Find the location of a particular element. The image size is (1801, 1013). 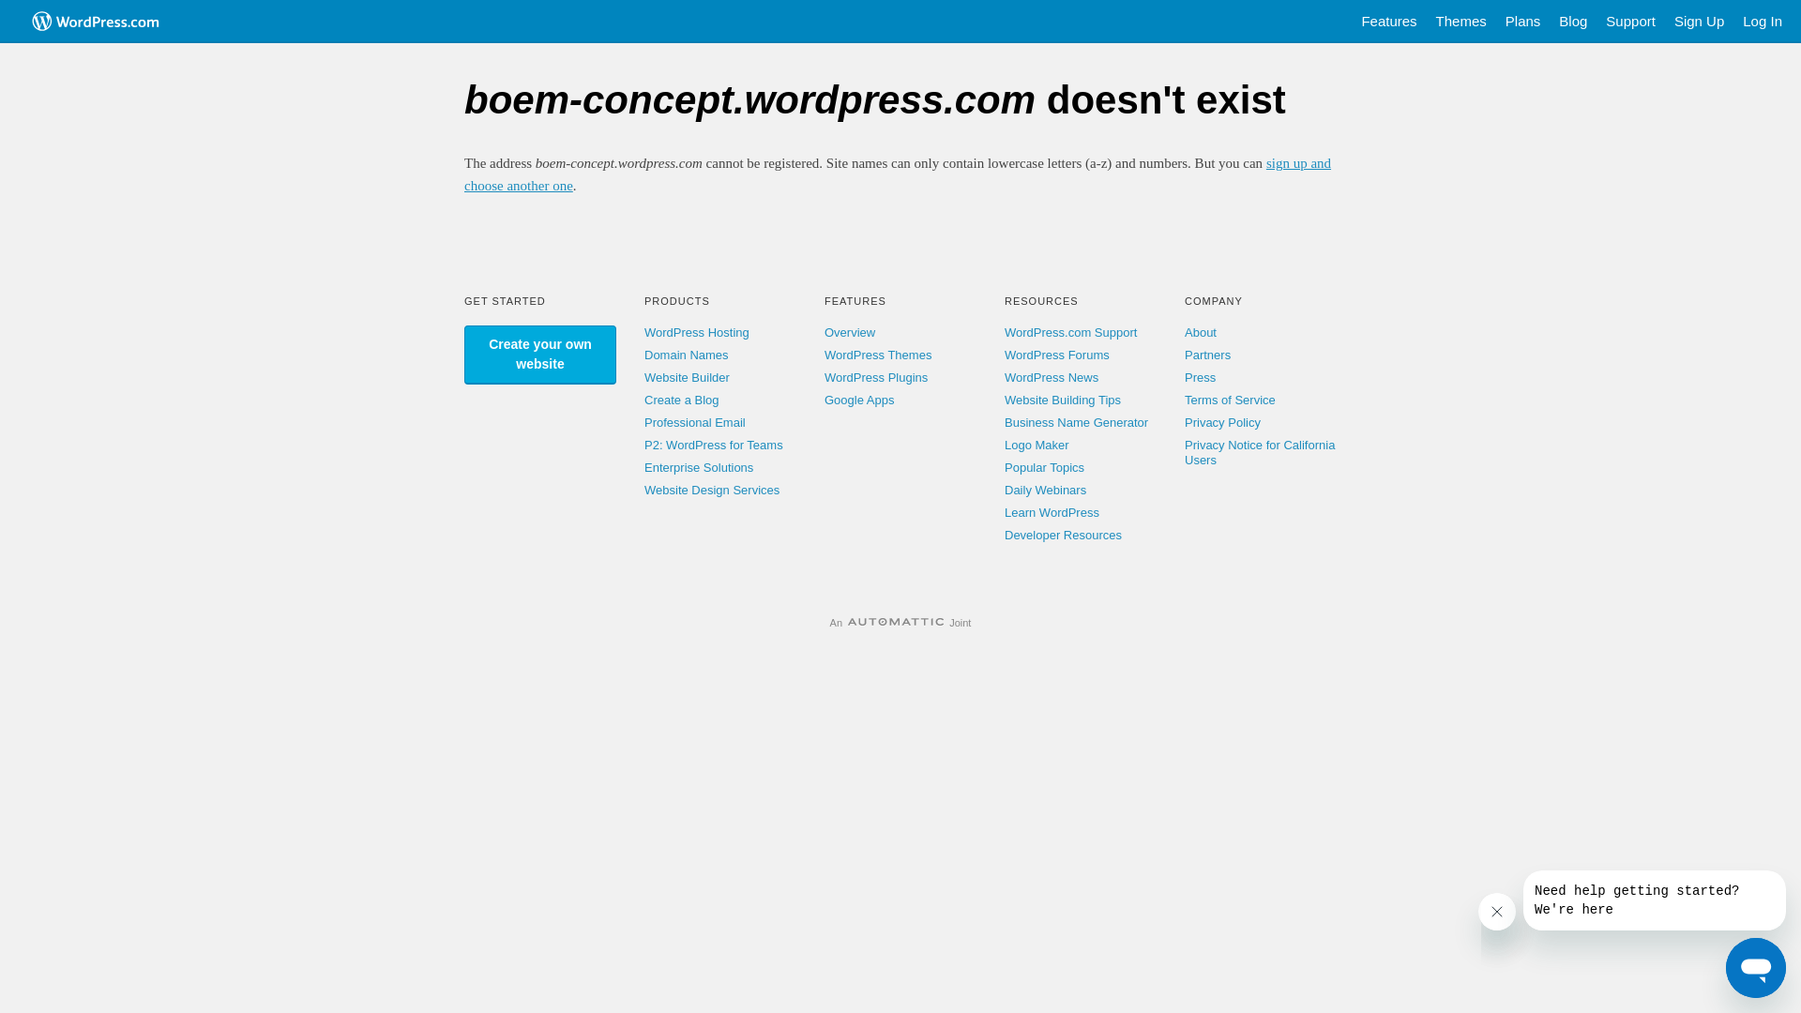

'Developer Resources' is located at coordinates (1063, 535).